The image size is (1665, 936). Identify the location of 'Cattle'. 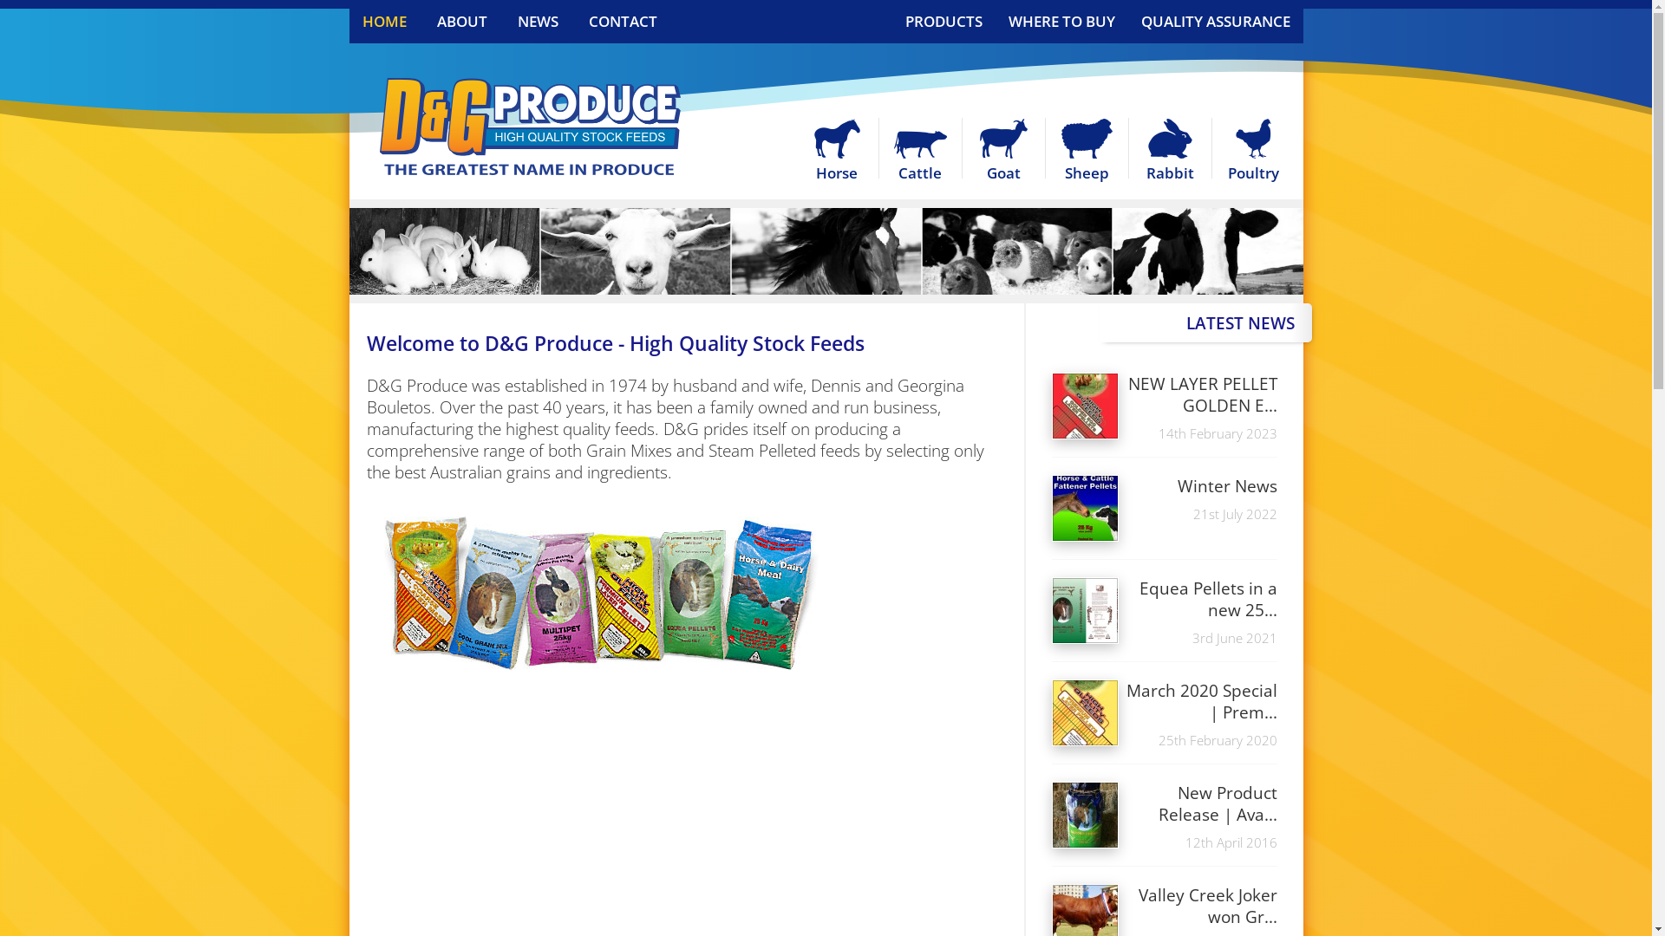
(919, 150).